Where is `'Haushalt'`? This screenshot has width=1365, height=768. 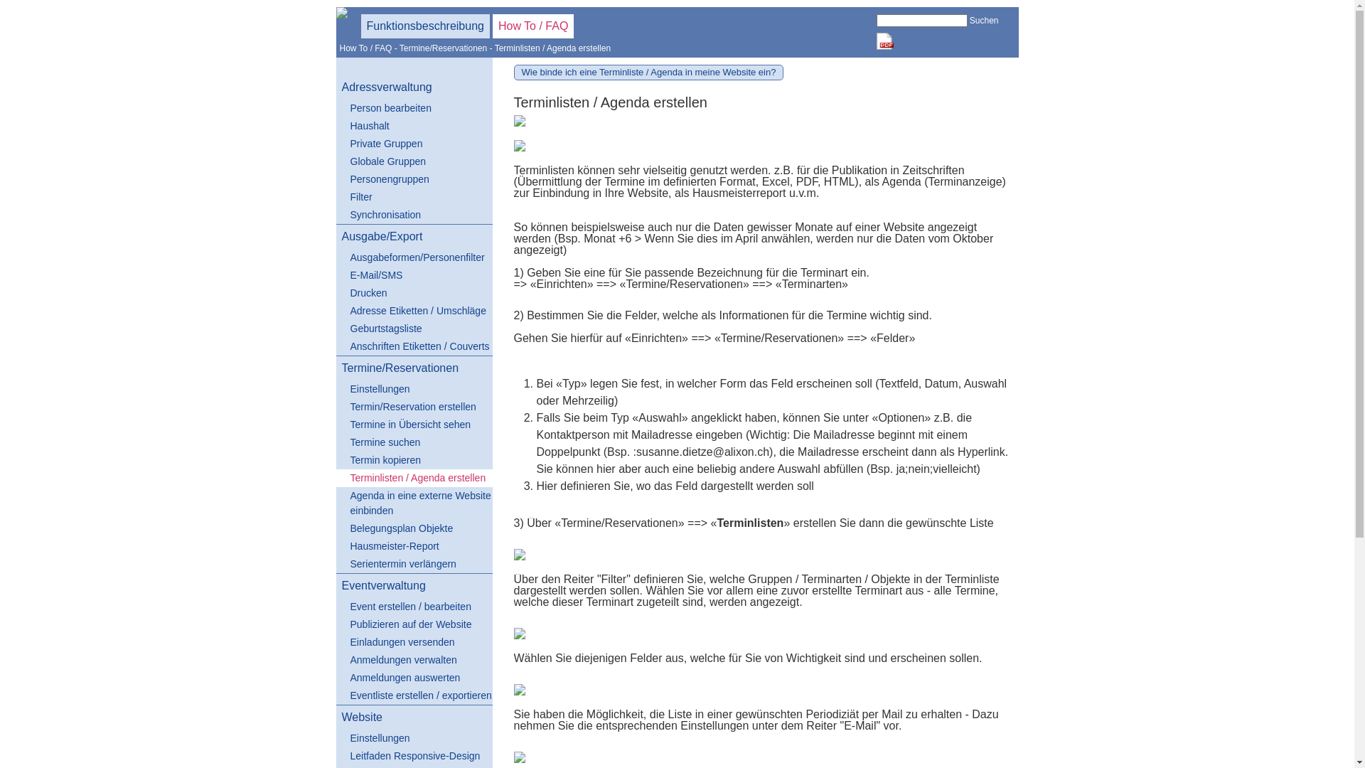
'Haushalt' is located at coordinates (412, 125).